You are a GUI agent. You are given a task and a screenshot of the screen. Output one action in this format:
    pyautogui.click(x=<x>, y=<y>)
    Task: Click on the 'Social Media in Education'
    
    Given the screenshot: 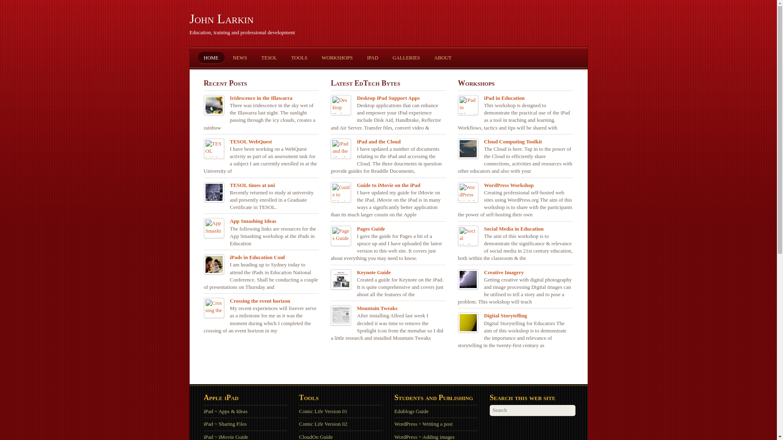 What is the action you would take?
    pyautogui.click(x=484, y=229)
    